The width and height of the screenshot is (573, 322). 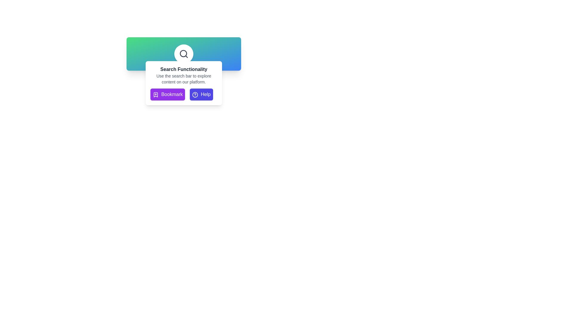 I want to click on the first button in the horizontal group of two buttons located at the center bottom of the 'Search Functionality' panel to bookmark content, so click(x=167, y=94).